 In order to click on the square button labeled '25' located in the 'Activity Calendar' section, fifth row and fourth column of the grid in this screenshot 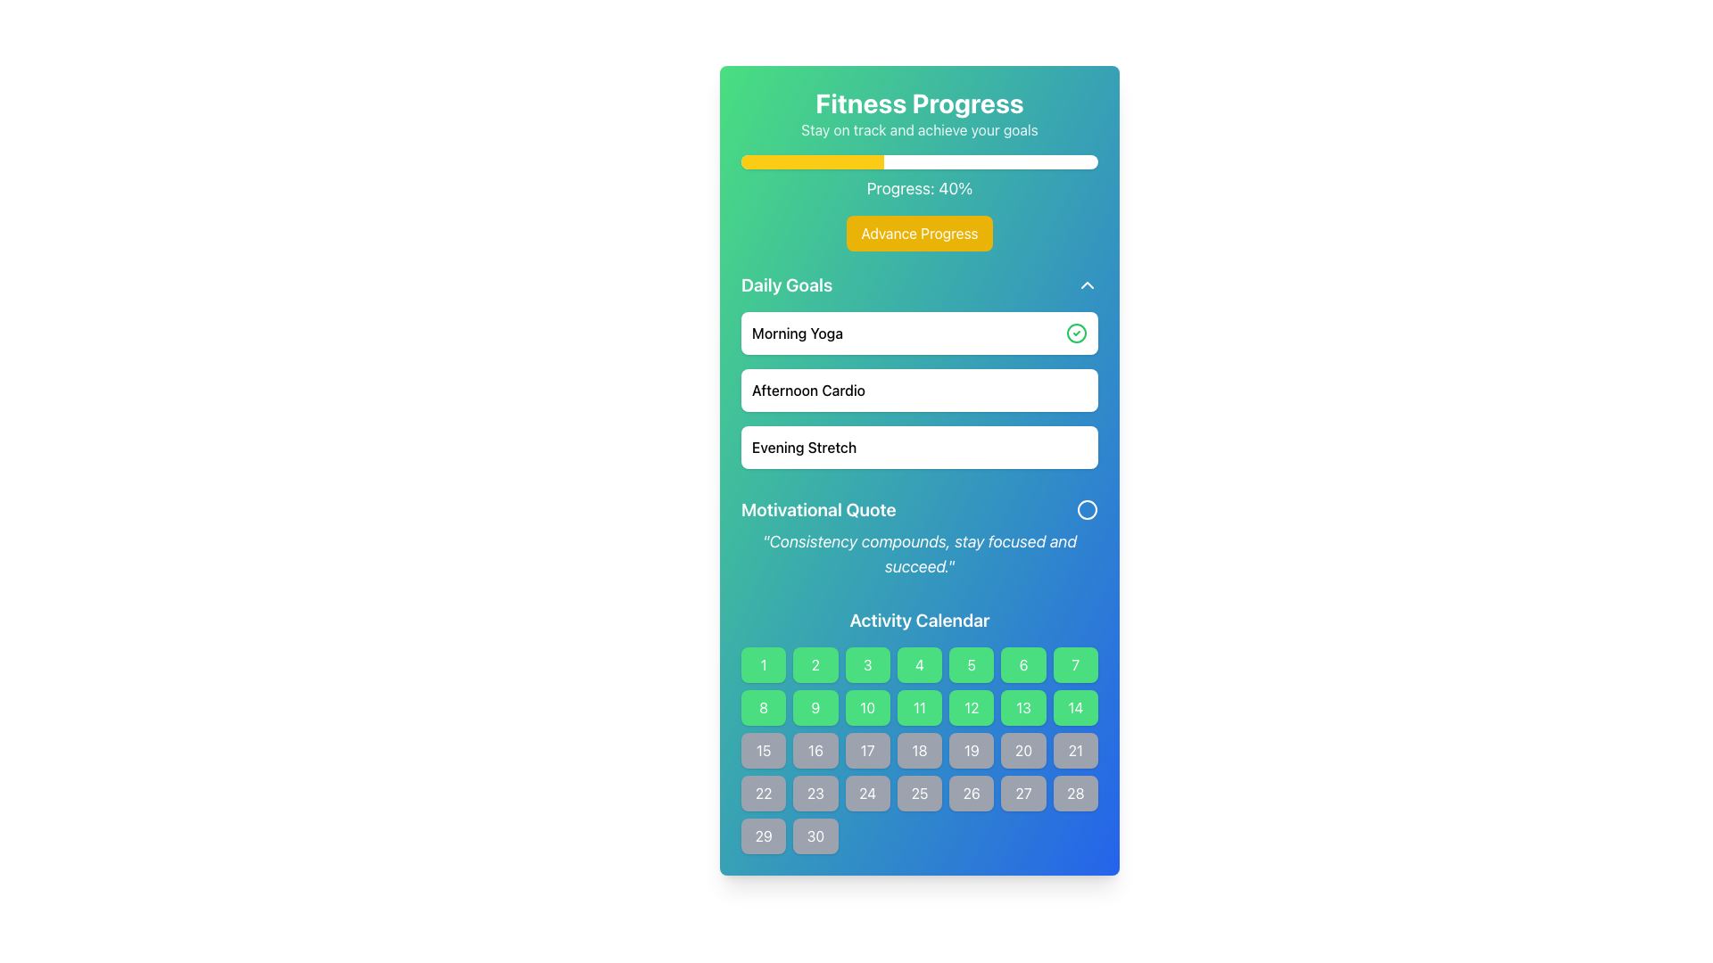, I will do `click(920, 793)`.